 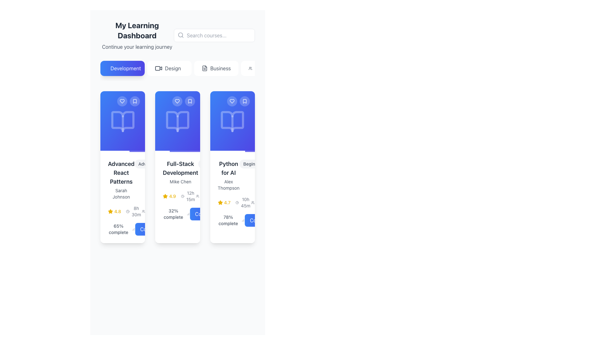 I want to click on the book icon representing the course content for 'Python for AI', which is centrally located in the card header, so click(x=232, y=122).